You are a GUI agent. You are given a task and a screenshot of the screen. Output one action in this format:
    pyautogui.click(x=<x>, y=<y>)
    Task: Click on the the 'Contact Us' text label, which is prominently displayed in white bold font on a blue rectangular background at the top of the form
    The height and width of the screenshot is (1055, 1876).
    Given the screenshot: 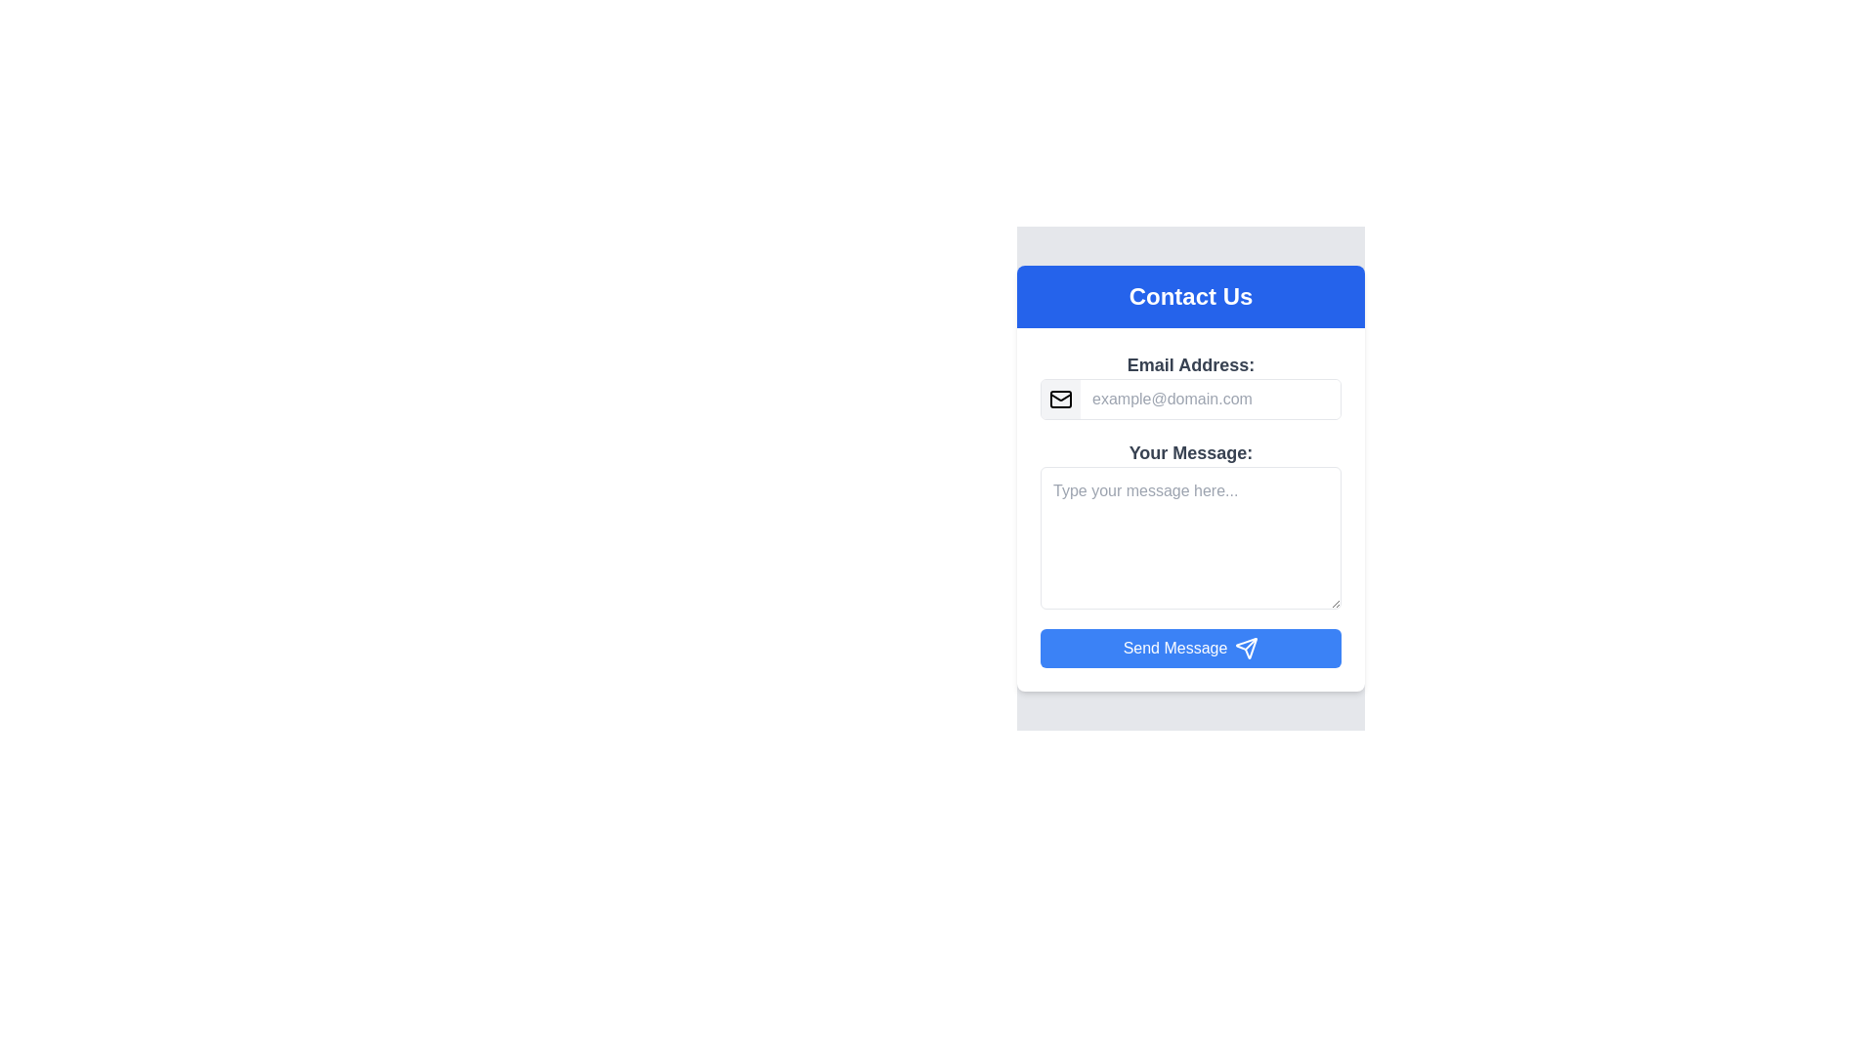 What is the action you would take?
    pyautogui.click(x=1190, y=297)
    